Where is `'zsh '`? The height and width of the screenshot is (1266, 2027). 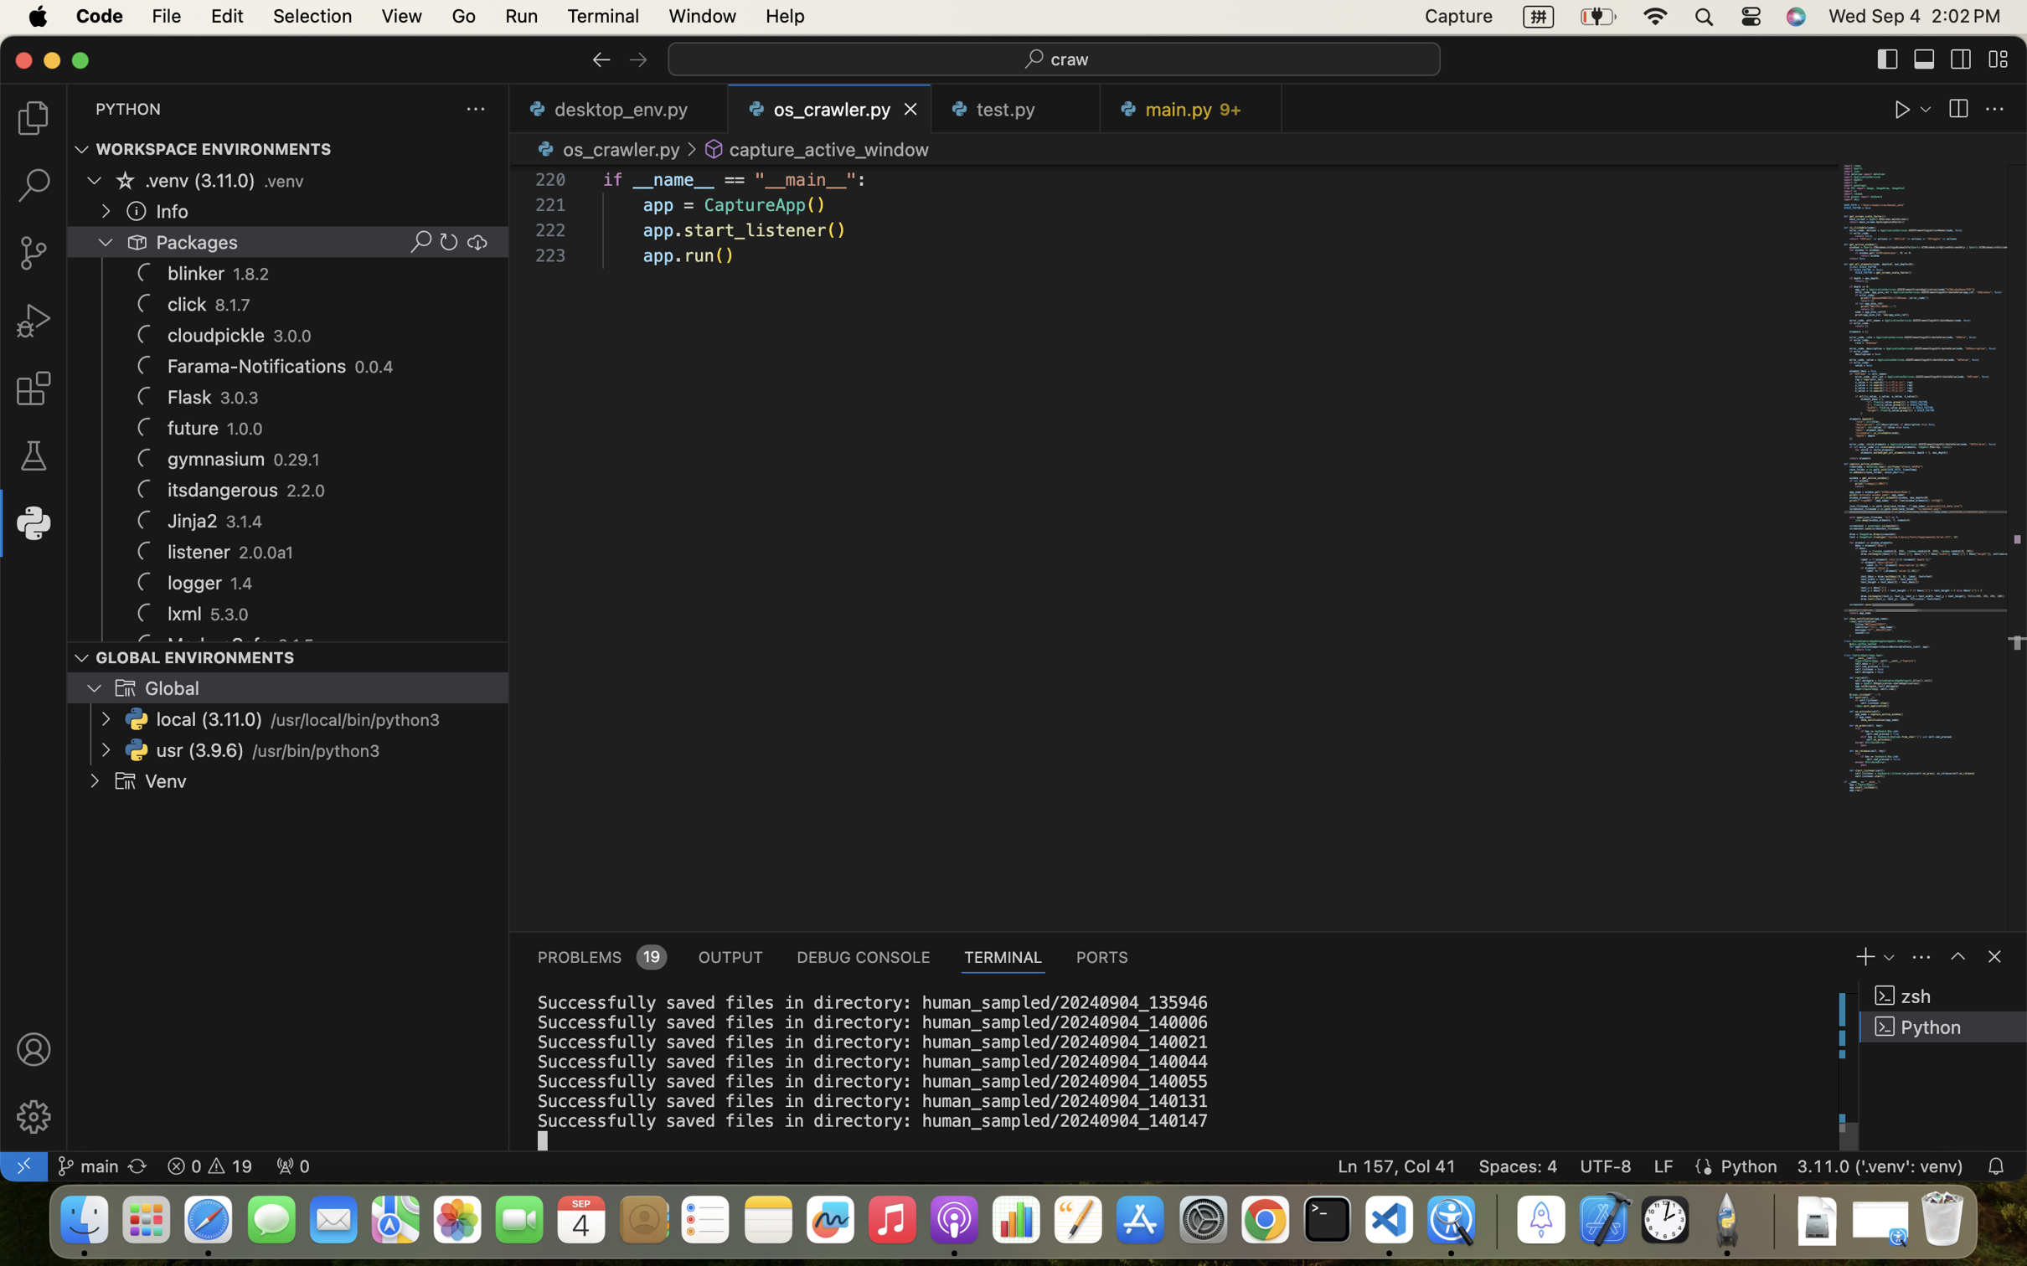 'zsh ' is located at coordinates (1942, 996).